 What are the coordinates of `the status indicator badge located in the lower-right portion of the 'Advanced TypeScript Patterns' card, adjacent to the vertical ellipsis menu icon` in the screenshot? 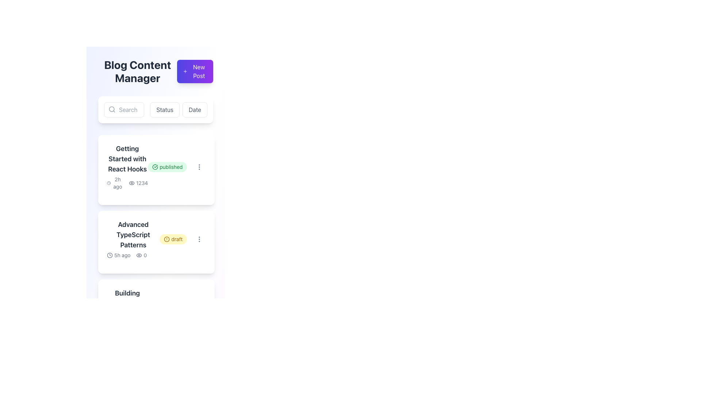 It's located at (183, 239).